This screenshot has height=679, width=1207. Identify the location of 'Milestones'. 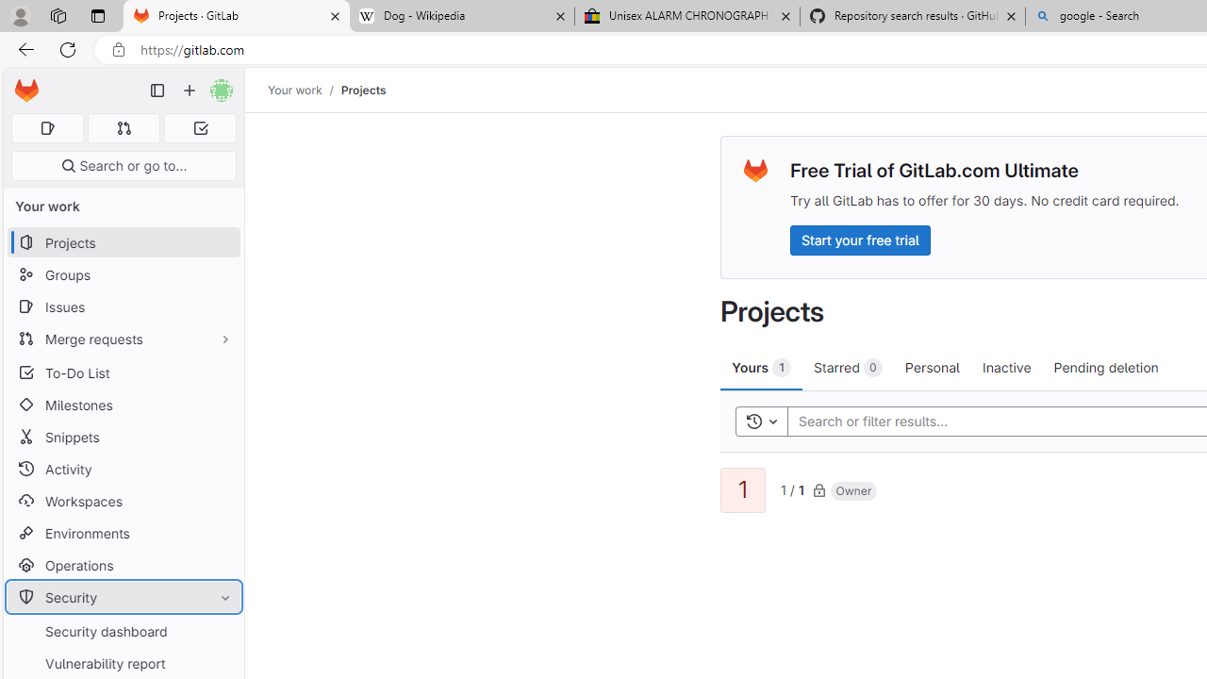
(123, 404).